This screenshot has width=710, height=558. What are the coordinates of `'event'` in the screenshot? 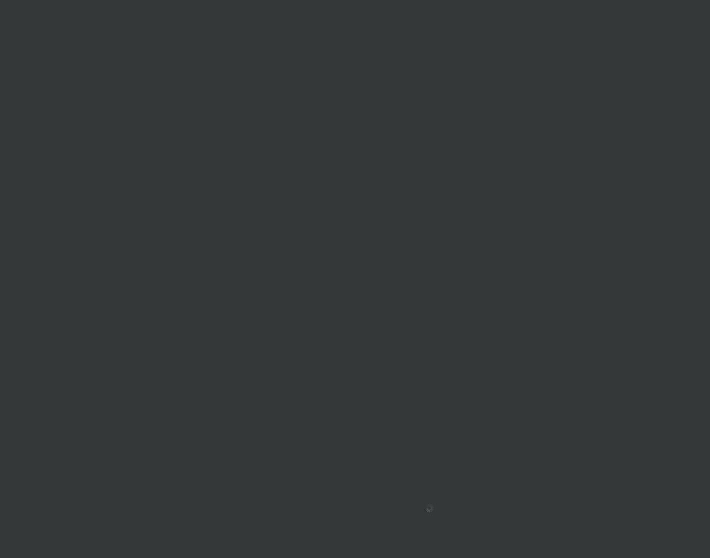 It's located at (350, 428).